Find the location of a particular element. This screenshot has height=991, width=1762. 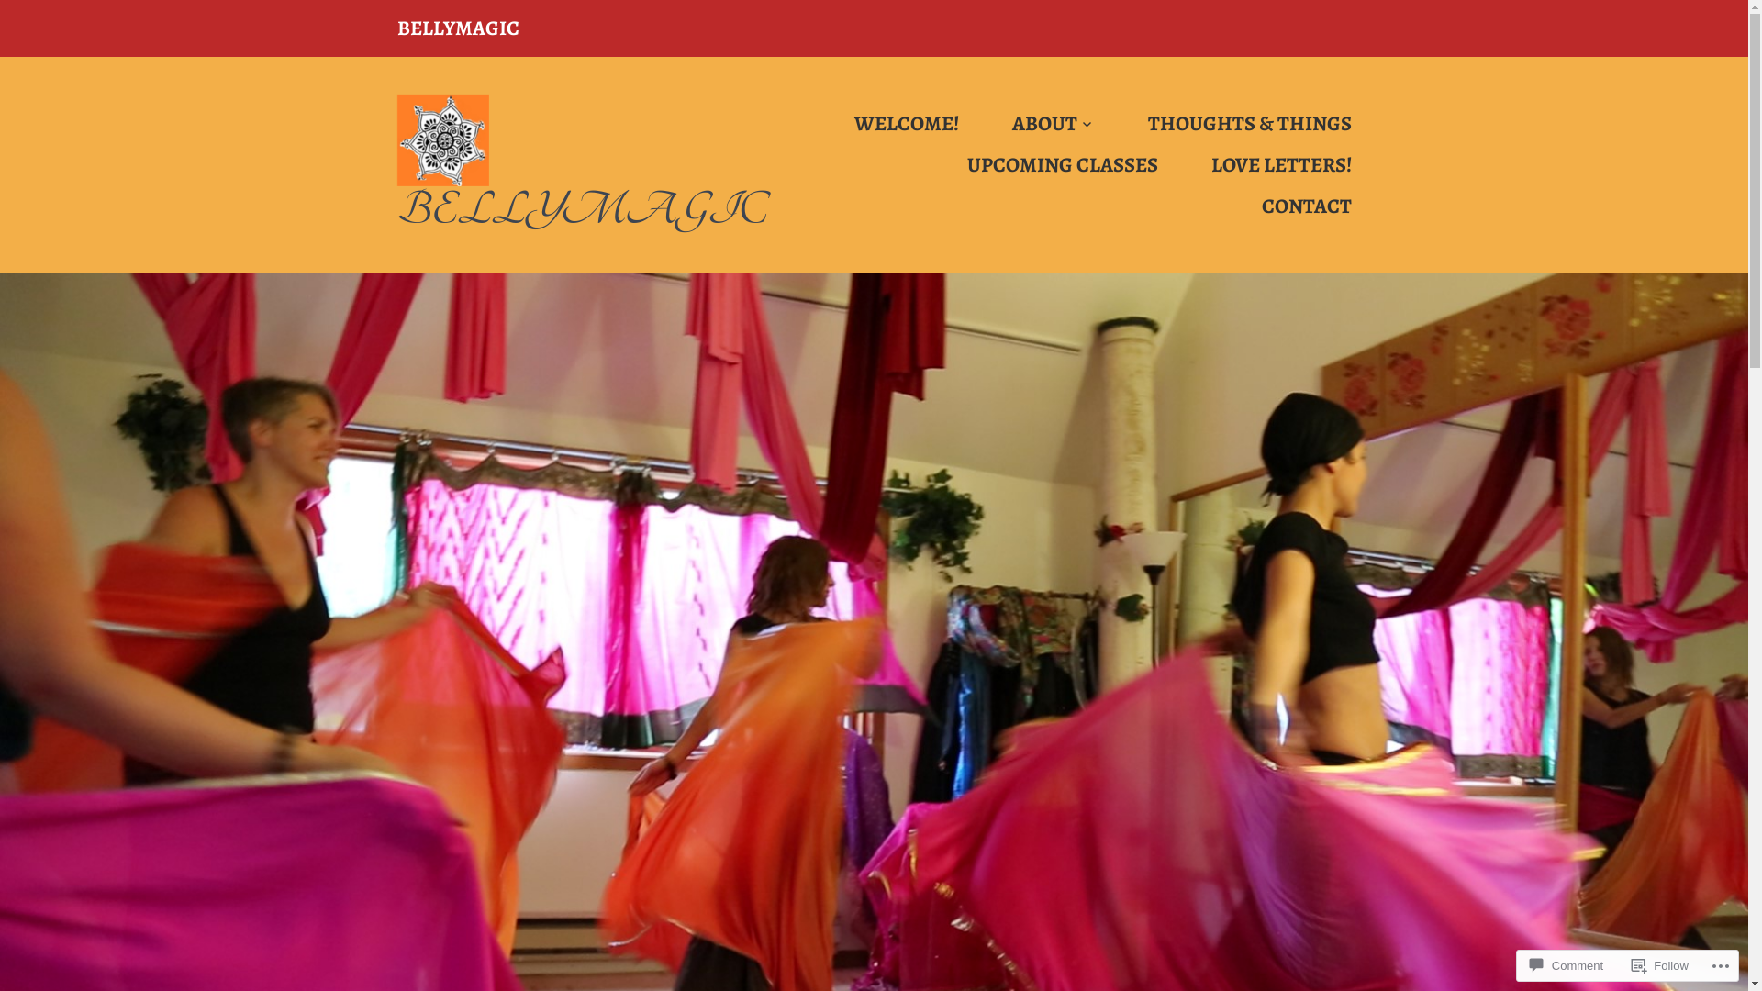

'ABOUT' is located at coordinates (1029, 124).